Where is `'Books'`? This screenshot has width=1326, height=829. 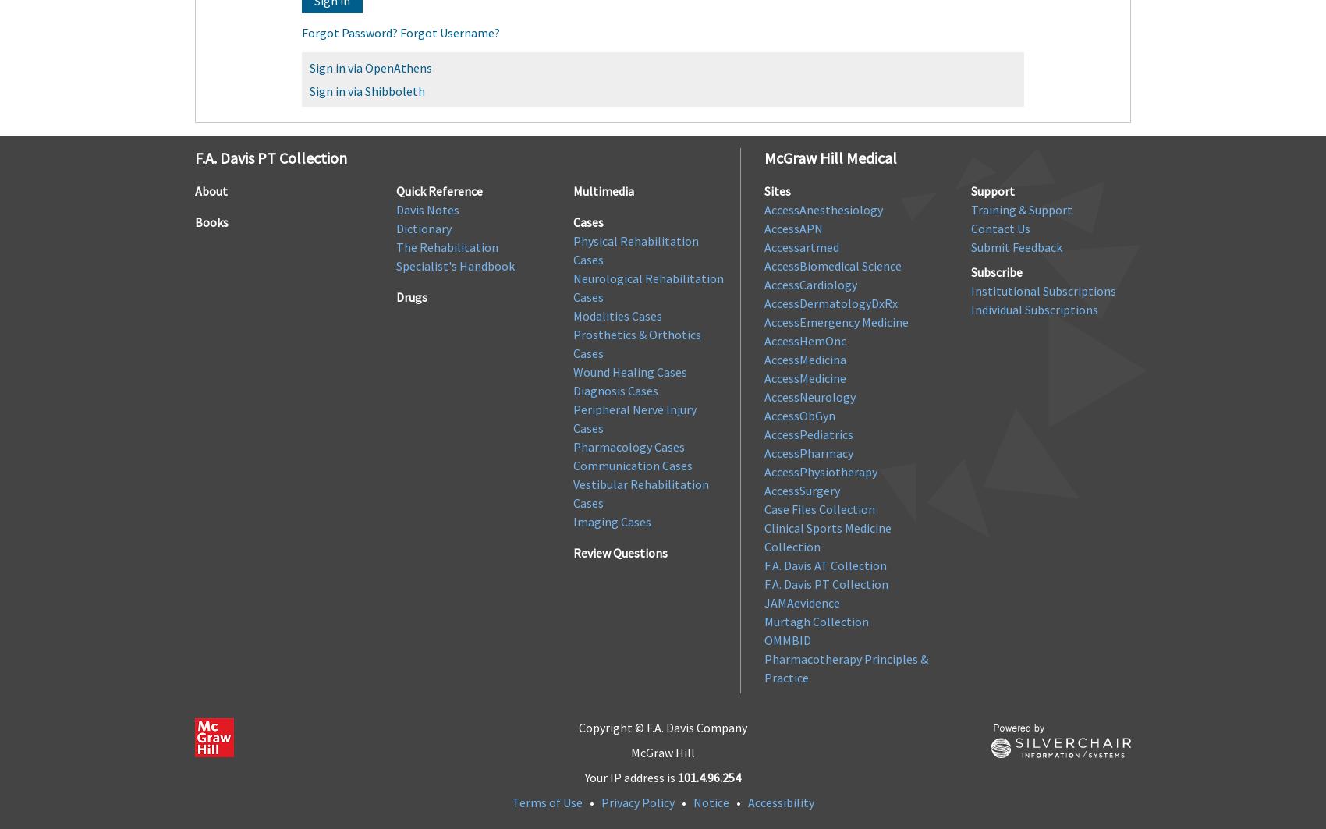
'Books' is located at coordinates (211, 221).